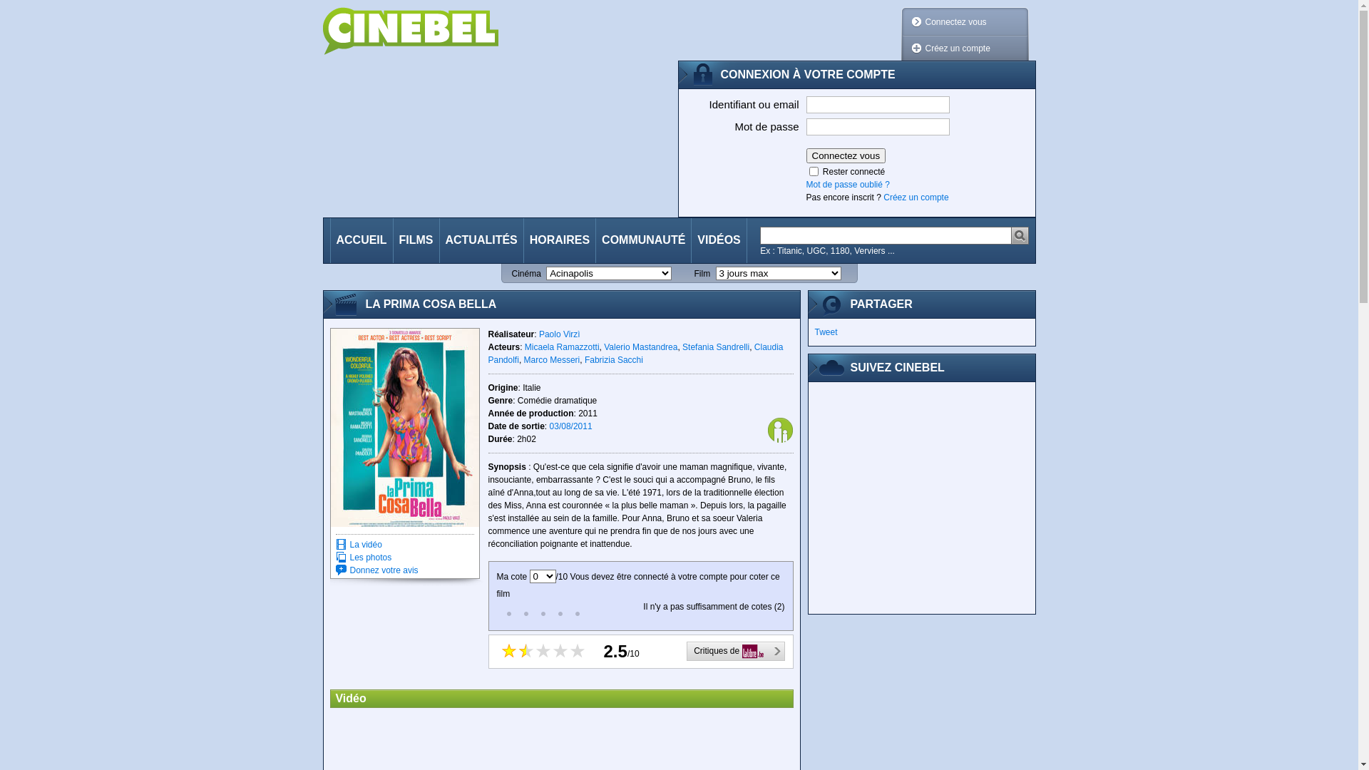 This screenshot has height=770, width=1369. I want to click on 'Donnez votre avis', so click(383, 569).